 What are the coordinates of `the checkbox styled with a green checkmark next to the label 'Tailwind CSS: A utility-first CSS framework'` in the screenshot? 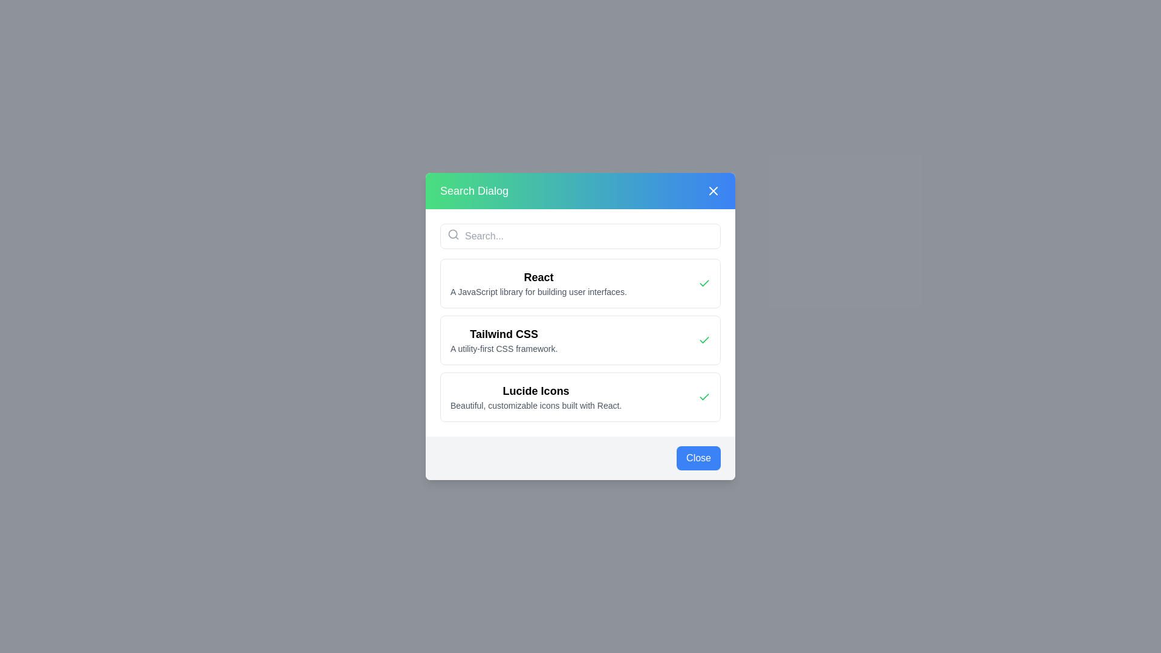 It's located at (704, 340).